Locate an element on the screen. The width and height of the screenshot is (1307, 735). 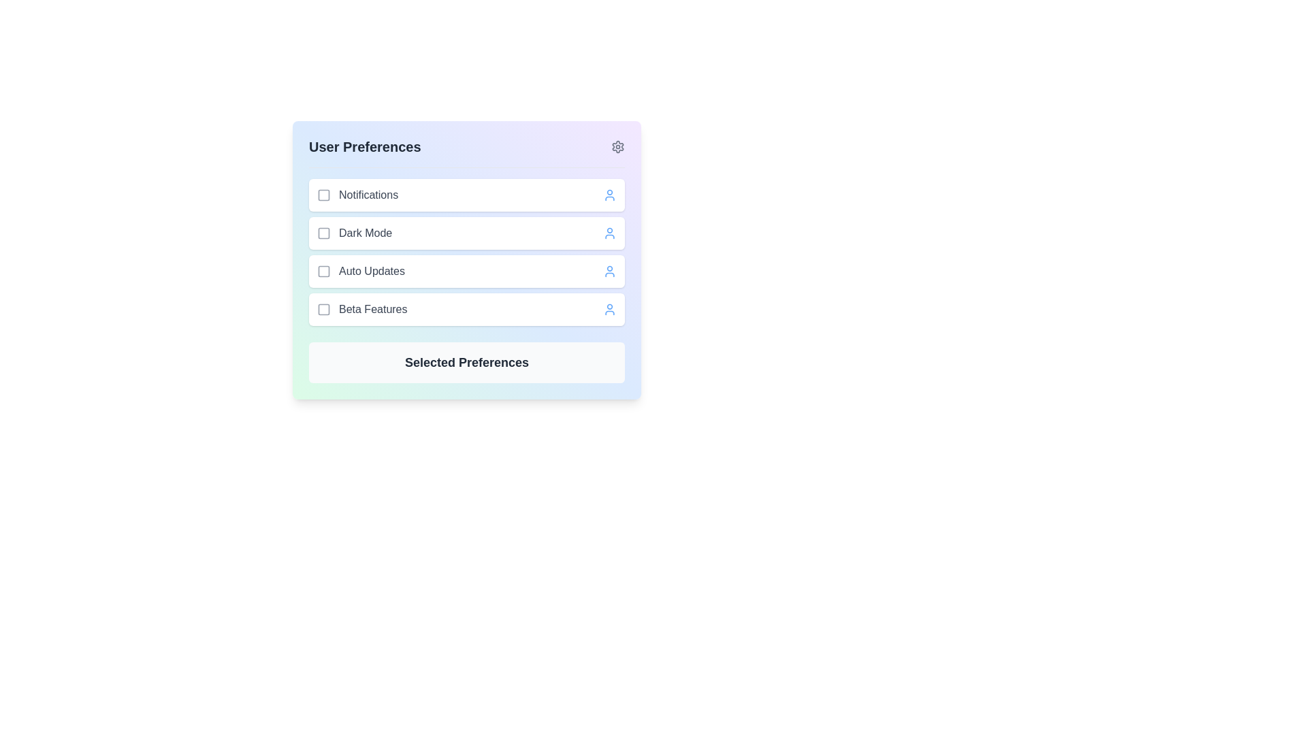
the checkbox for the 'Notifications' setting, which is the first indicator box in the list of user preferences, located to the left of the label 'Notifications' is located at coordinates (323, 195).